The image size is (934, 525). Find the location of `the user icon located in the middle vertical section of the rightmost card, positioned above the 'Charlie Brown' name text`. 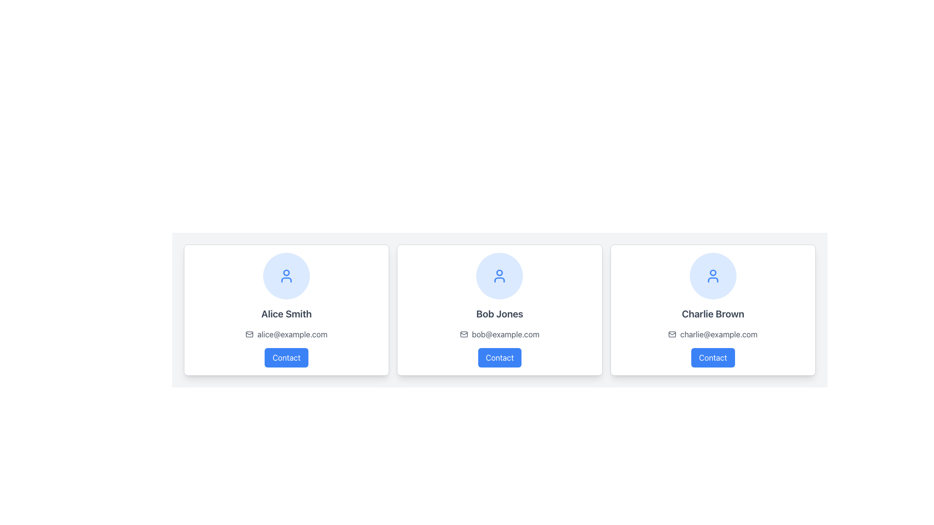

the user icon located in the middle vertical section of the rightmost card, positioned above the 'Charlie Brown' name text is located at coordinates (713, 276).